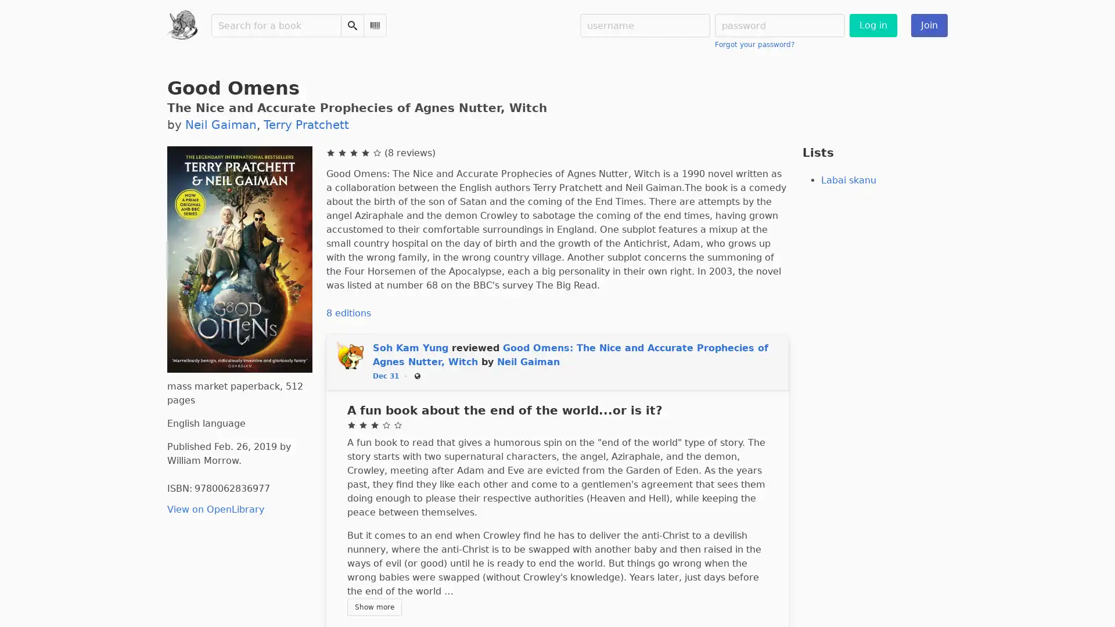 Image resolution: width=1115 pixels, height=627 pixels. I want to click on Log in, so click(872, 25).